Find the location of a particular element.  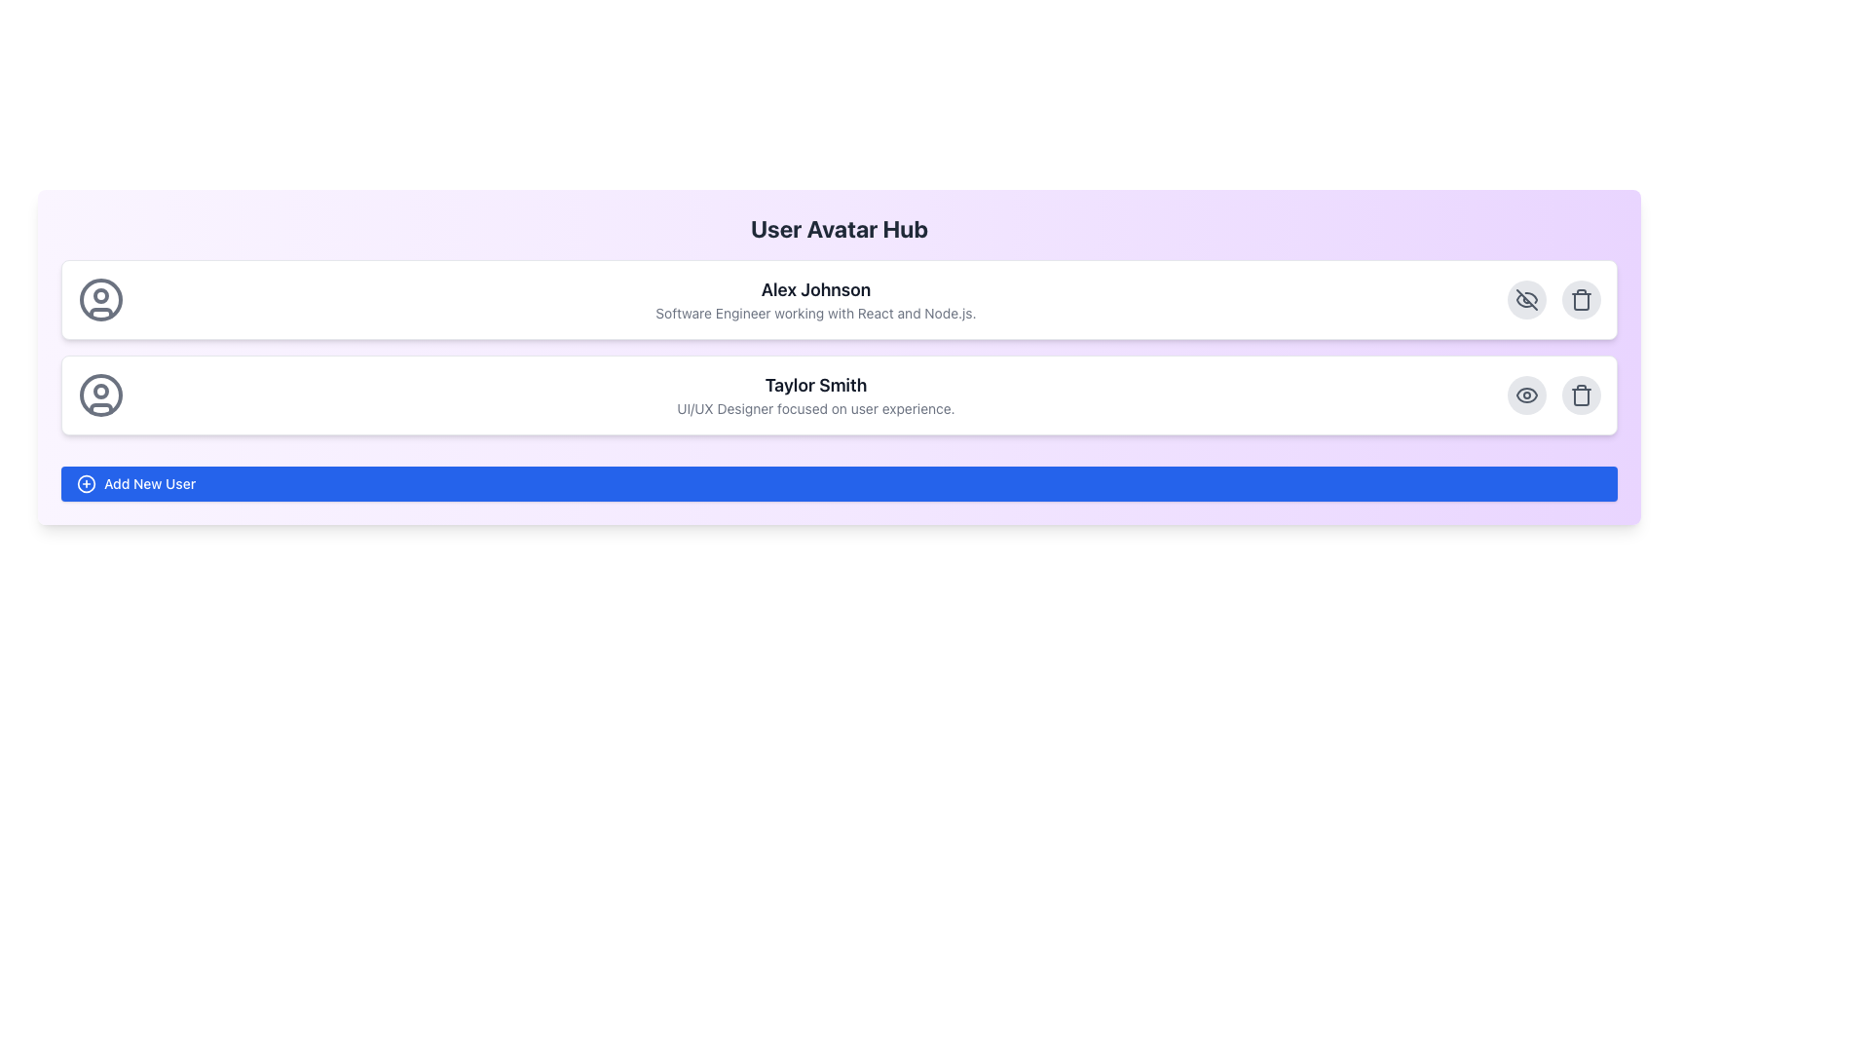

the outer circular contour of the user avatar icon representing 'Alex Johnson' is located at coordinates (100, 300).